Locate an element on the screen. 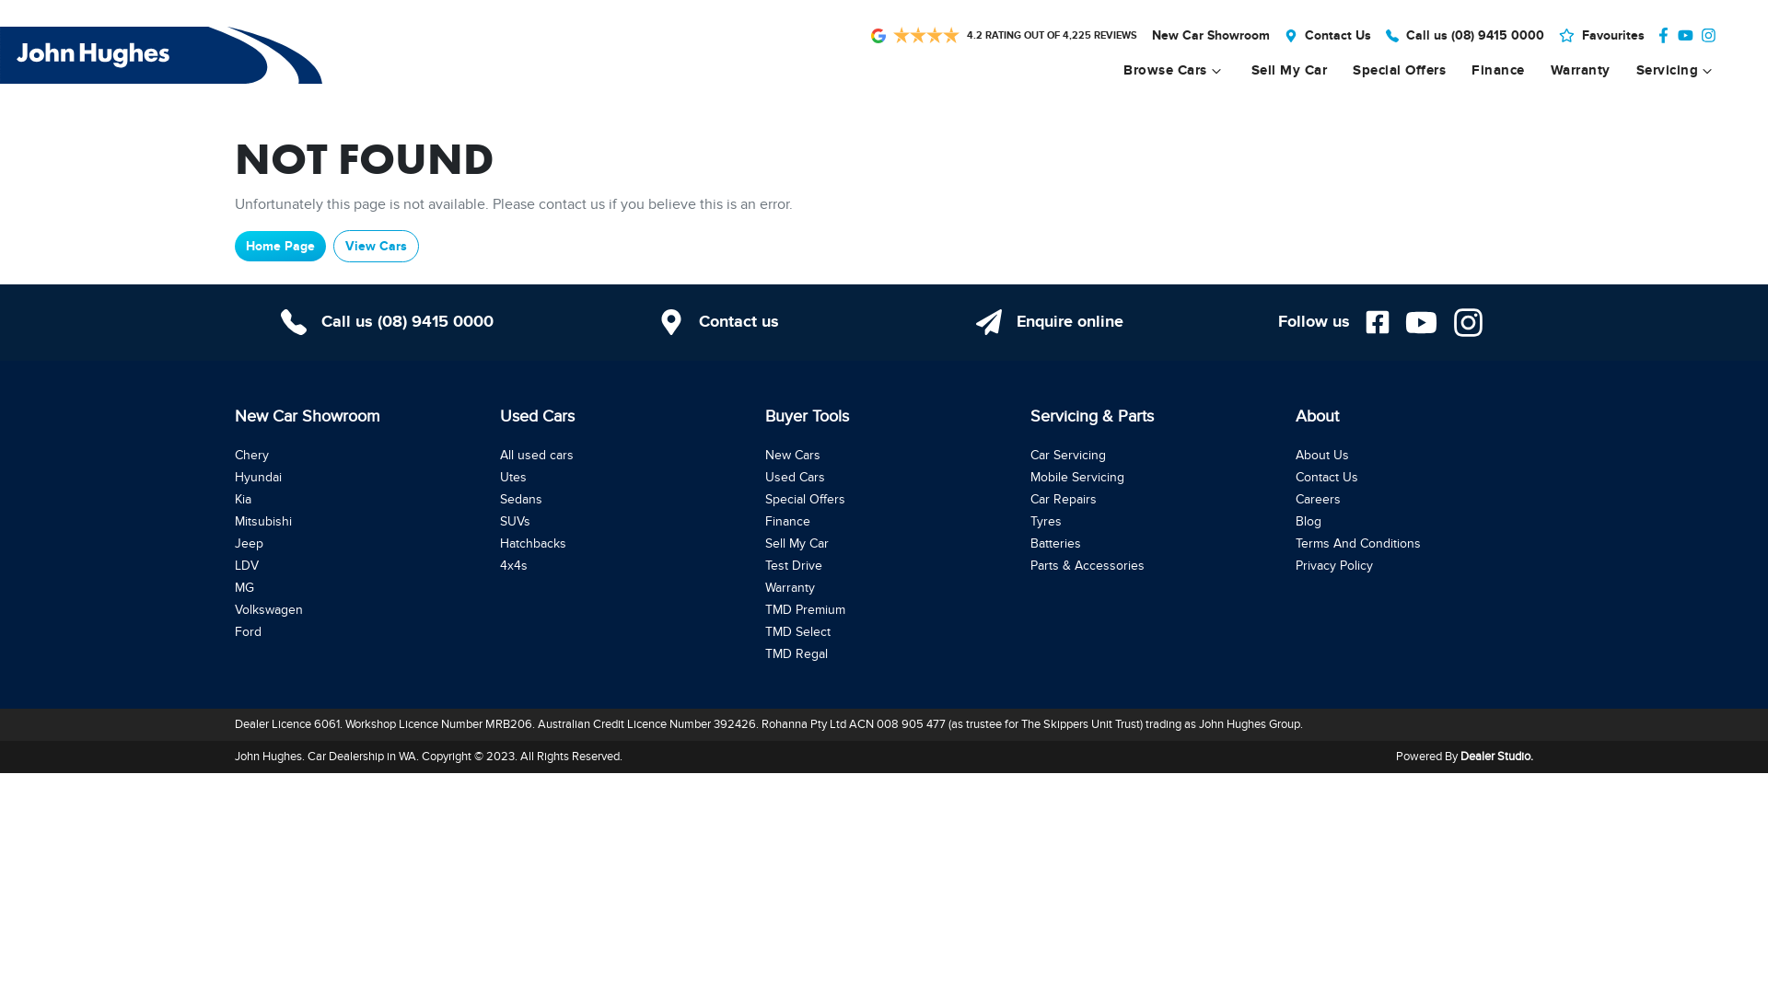 The width and height of the screenshot is (1768, 994). 'Contact us' is located at coordinates (716, 321).